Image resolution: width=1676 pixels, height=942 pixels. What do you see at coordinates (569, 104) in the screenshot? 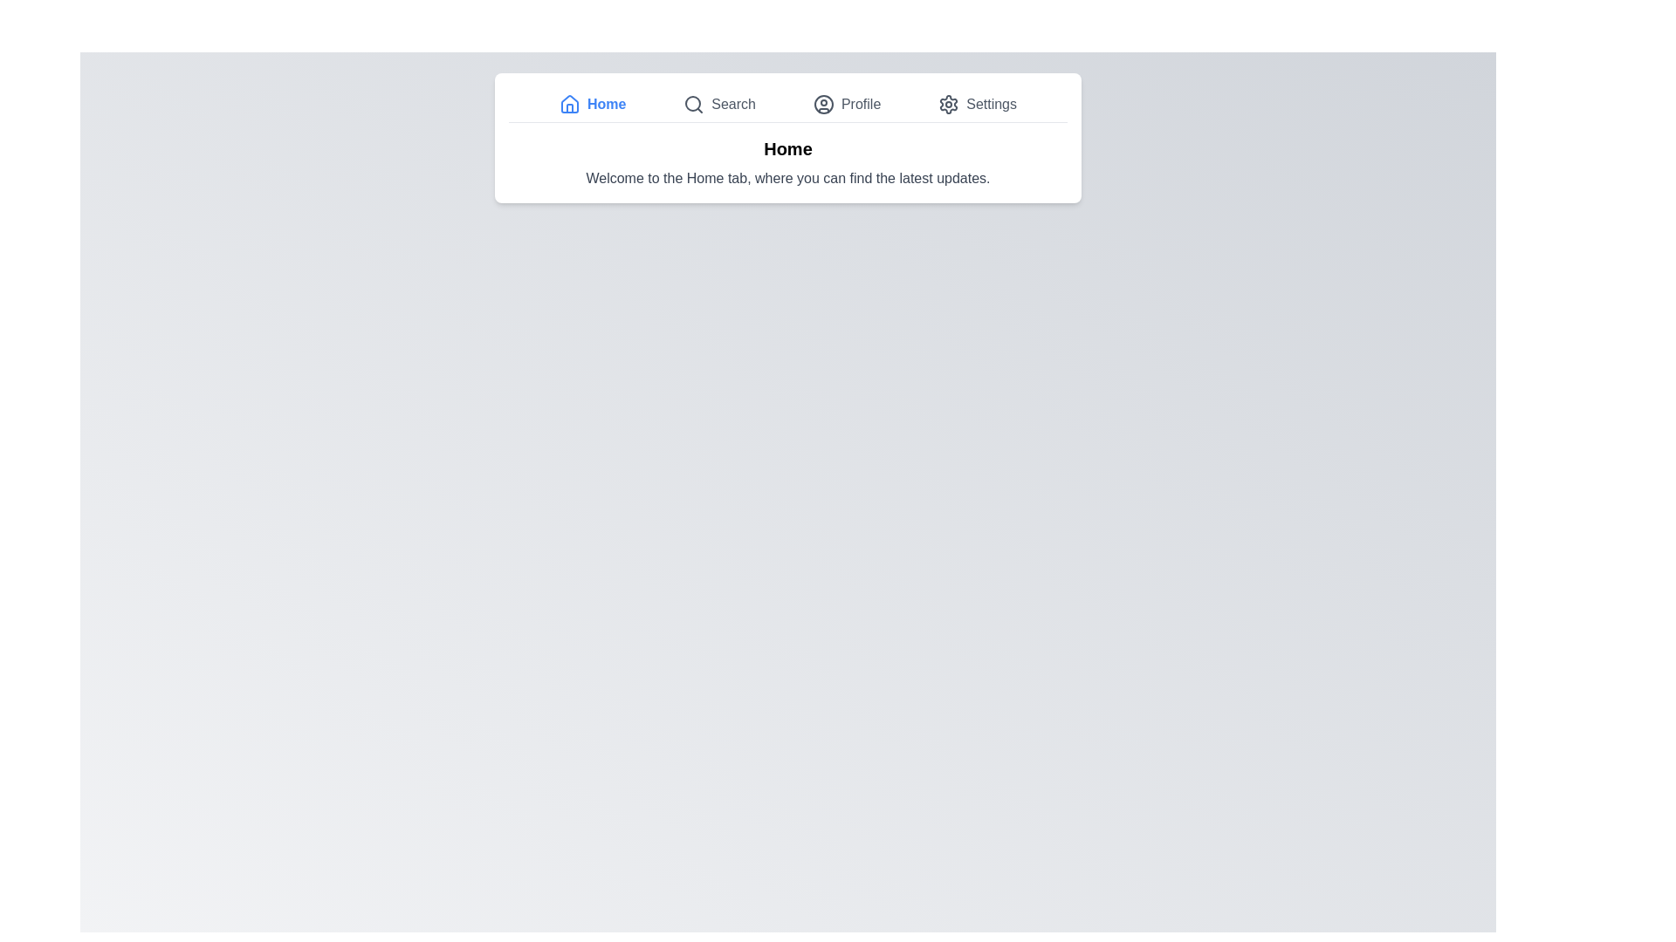
I see `the blue house-shaped icon located in the navigation menu to the left of the 'Home' label` at bounding box center [569, 104].